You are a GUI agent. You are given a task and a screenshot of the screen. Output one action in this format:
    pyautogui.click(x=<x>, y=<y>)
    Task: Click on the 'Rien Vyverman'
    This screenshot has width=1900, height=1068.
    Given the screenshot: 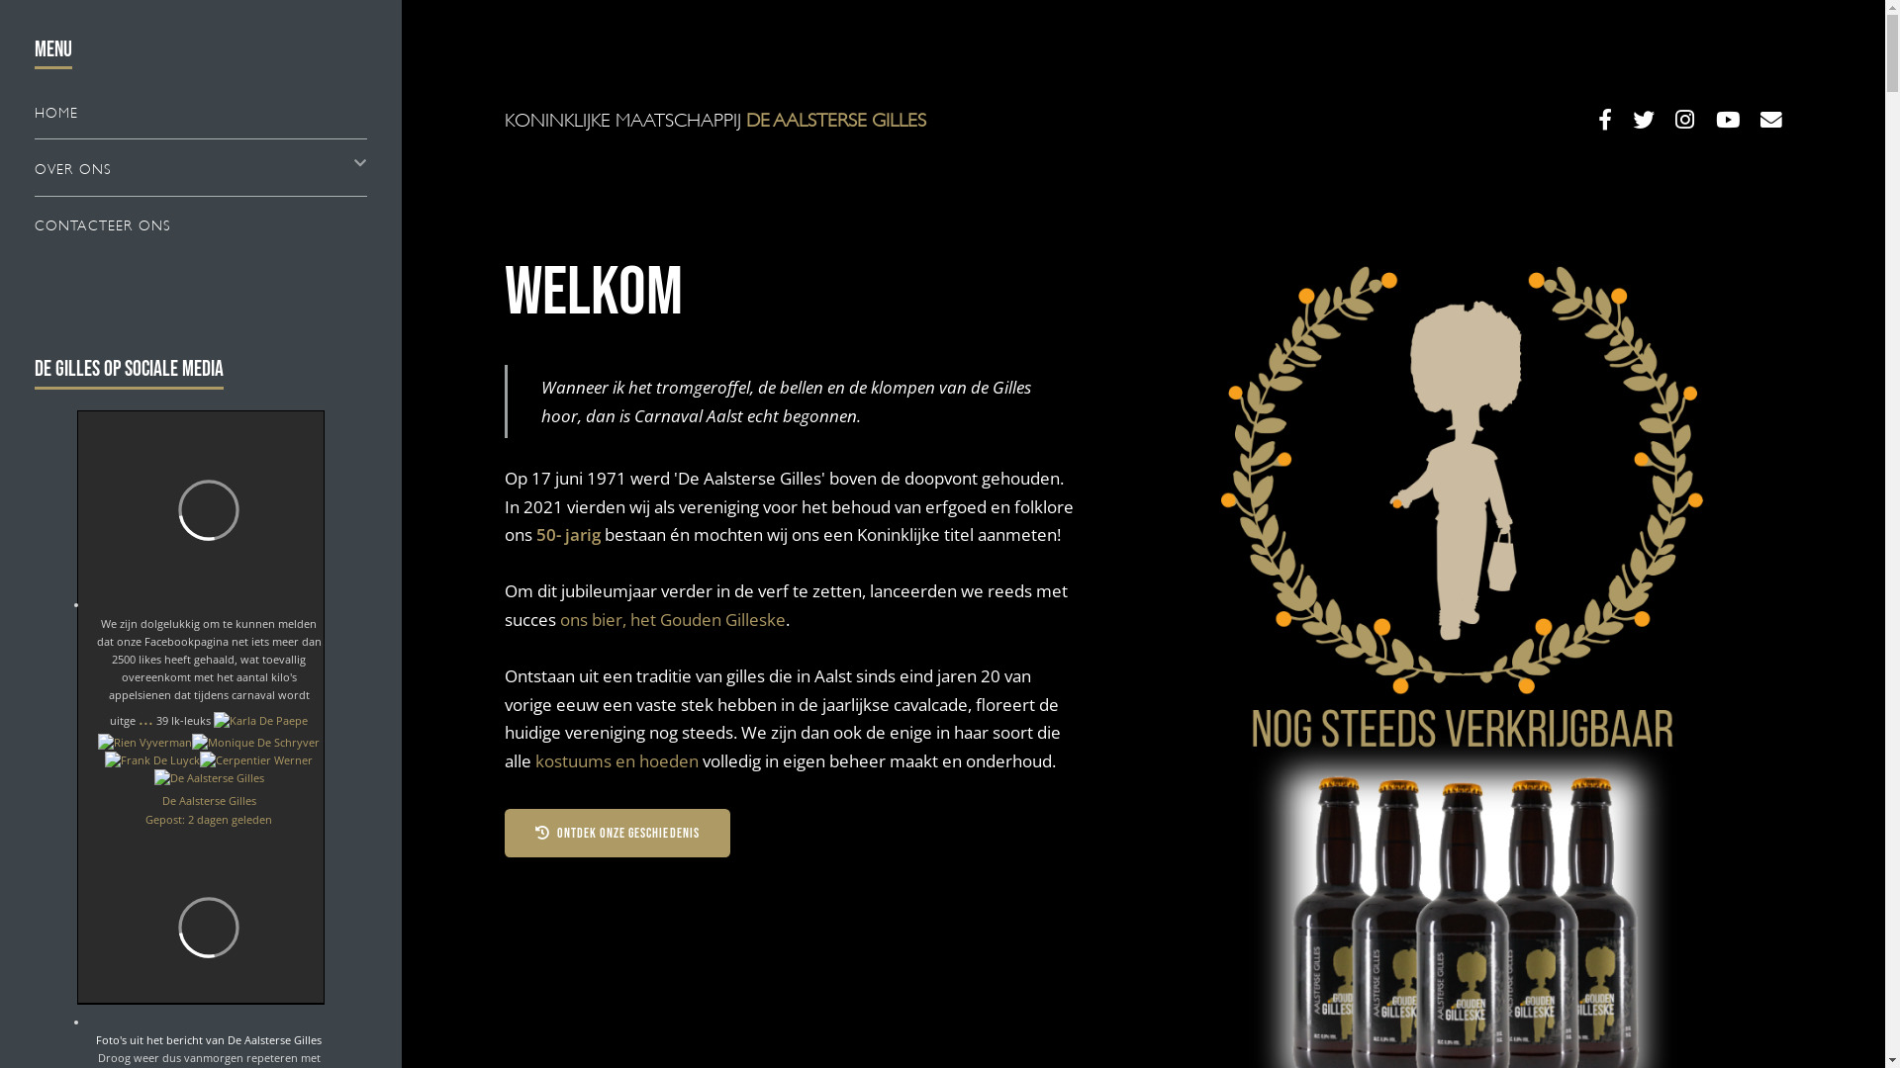 What is the action you would take?
    pyautogui.click(x=143, y=743)
    